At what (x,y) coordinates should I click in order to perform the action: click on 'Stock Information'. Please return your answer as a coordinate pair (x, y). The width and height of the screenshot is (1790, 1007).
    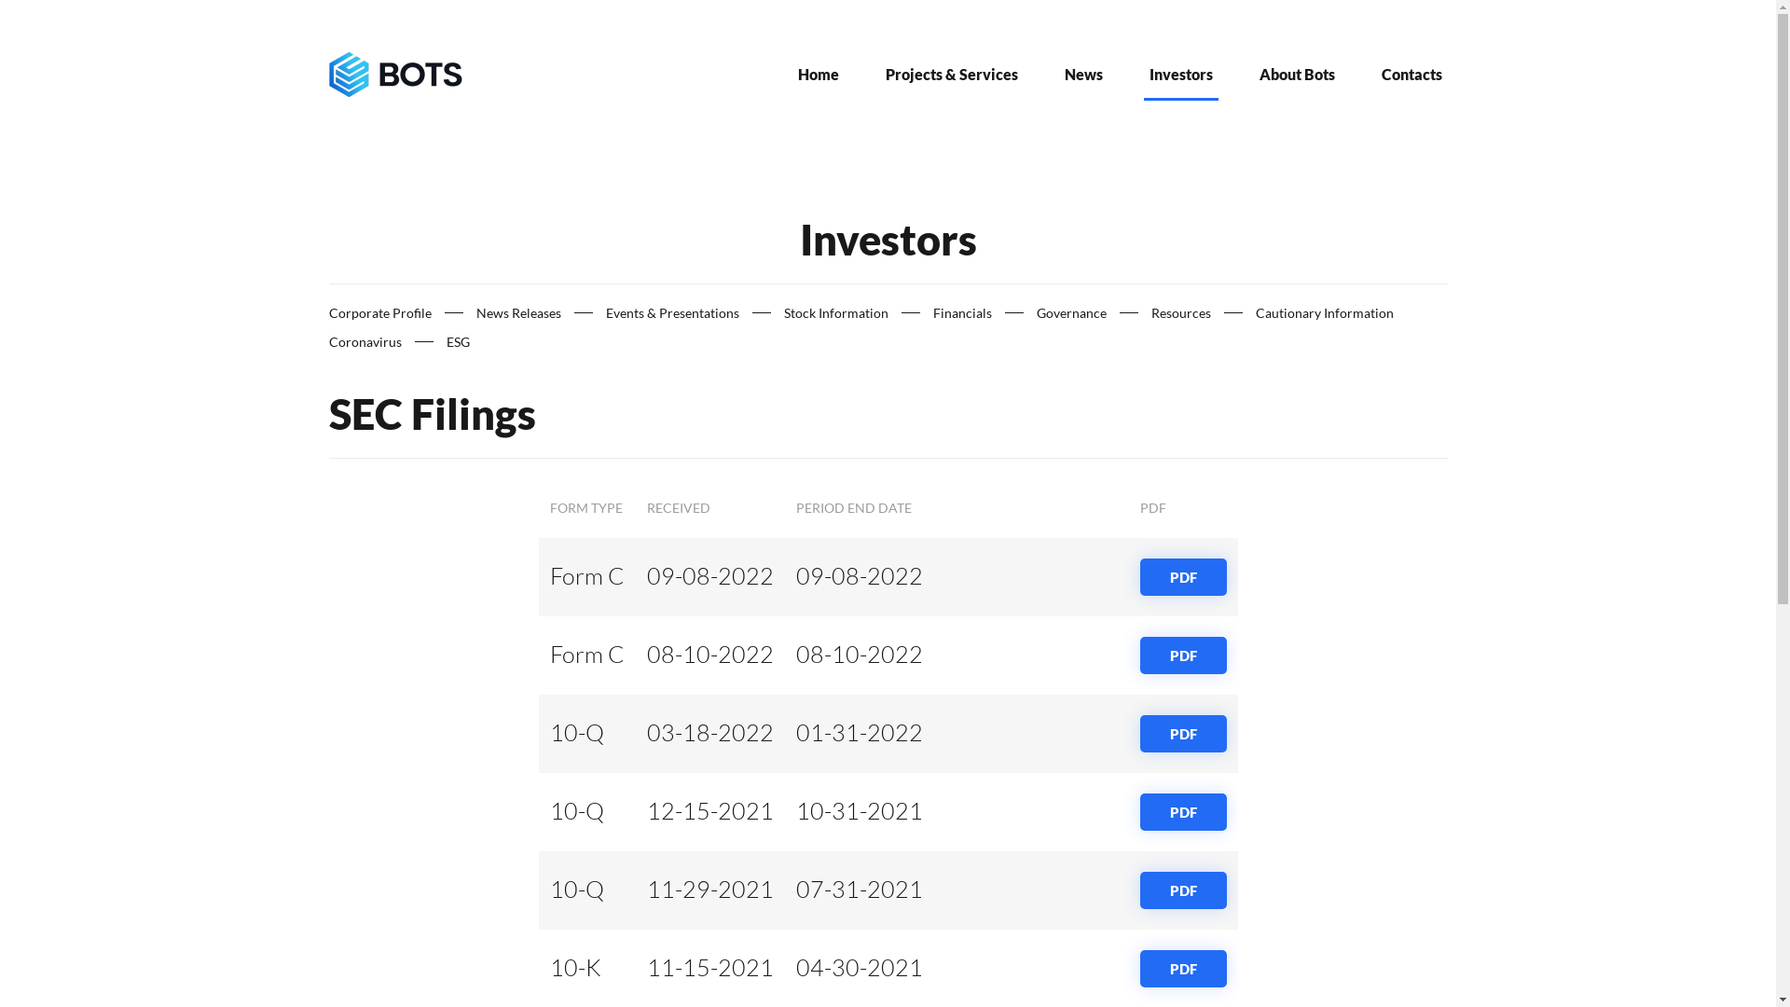
    Looking at the image, I should click on (783, 311).